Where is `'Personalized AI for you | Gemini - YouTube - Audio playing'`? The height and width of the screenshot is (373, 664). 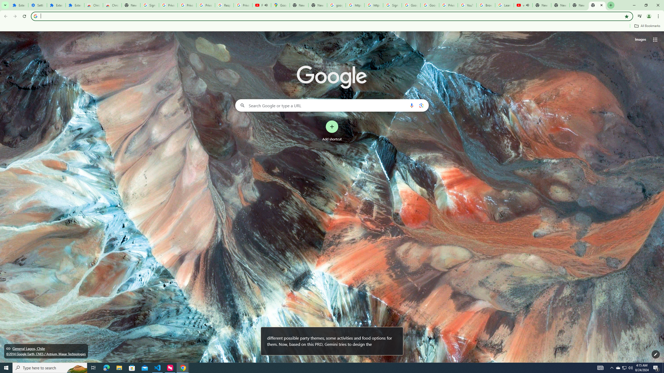 'Personalized AI for you | Gemini - YouTube - Audio playing' is located at coordinates (261, 5).